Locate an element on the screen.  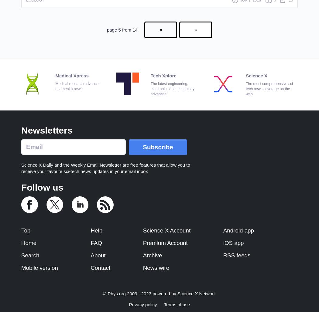
'Archive' is located at coordinates (152, 255).